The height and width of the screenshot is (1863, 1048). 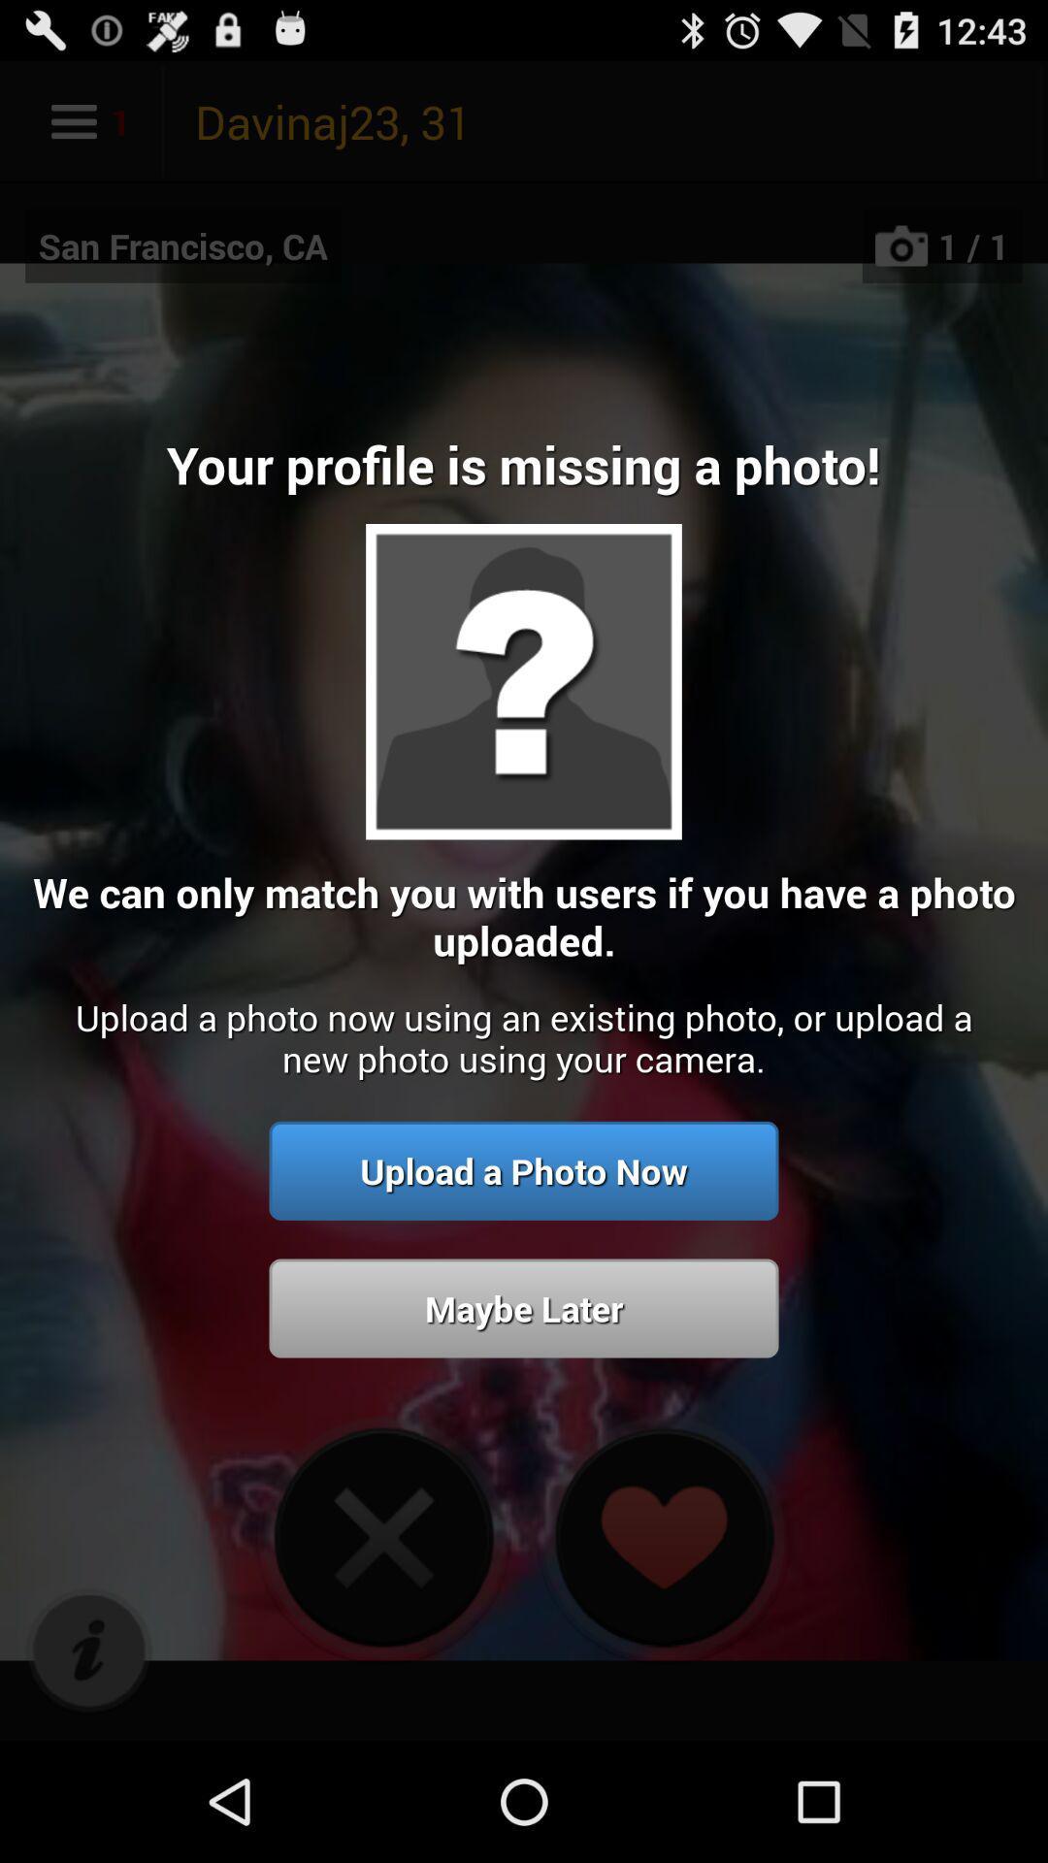 What do you see at coordinates (88, 1651) in the screenshot?
I see `the icon below the upload a photo item` at bounding box center [88, 1651].